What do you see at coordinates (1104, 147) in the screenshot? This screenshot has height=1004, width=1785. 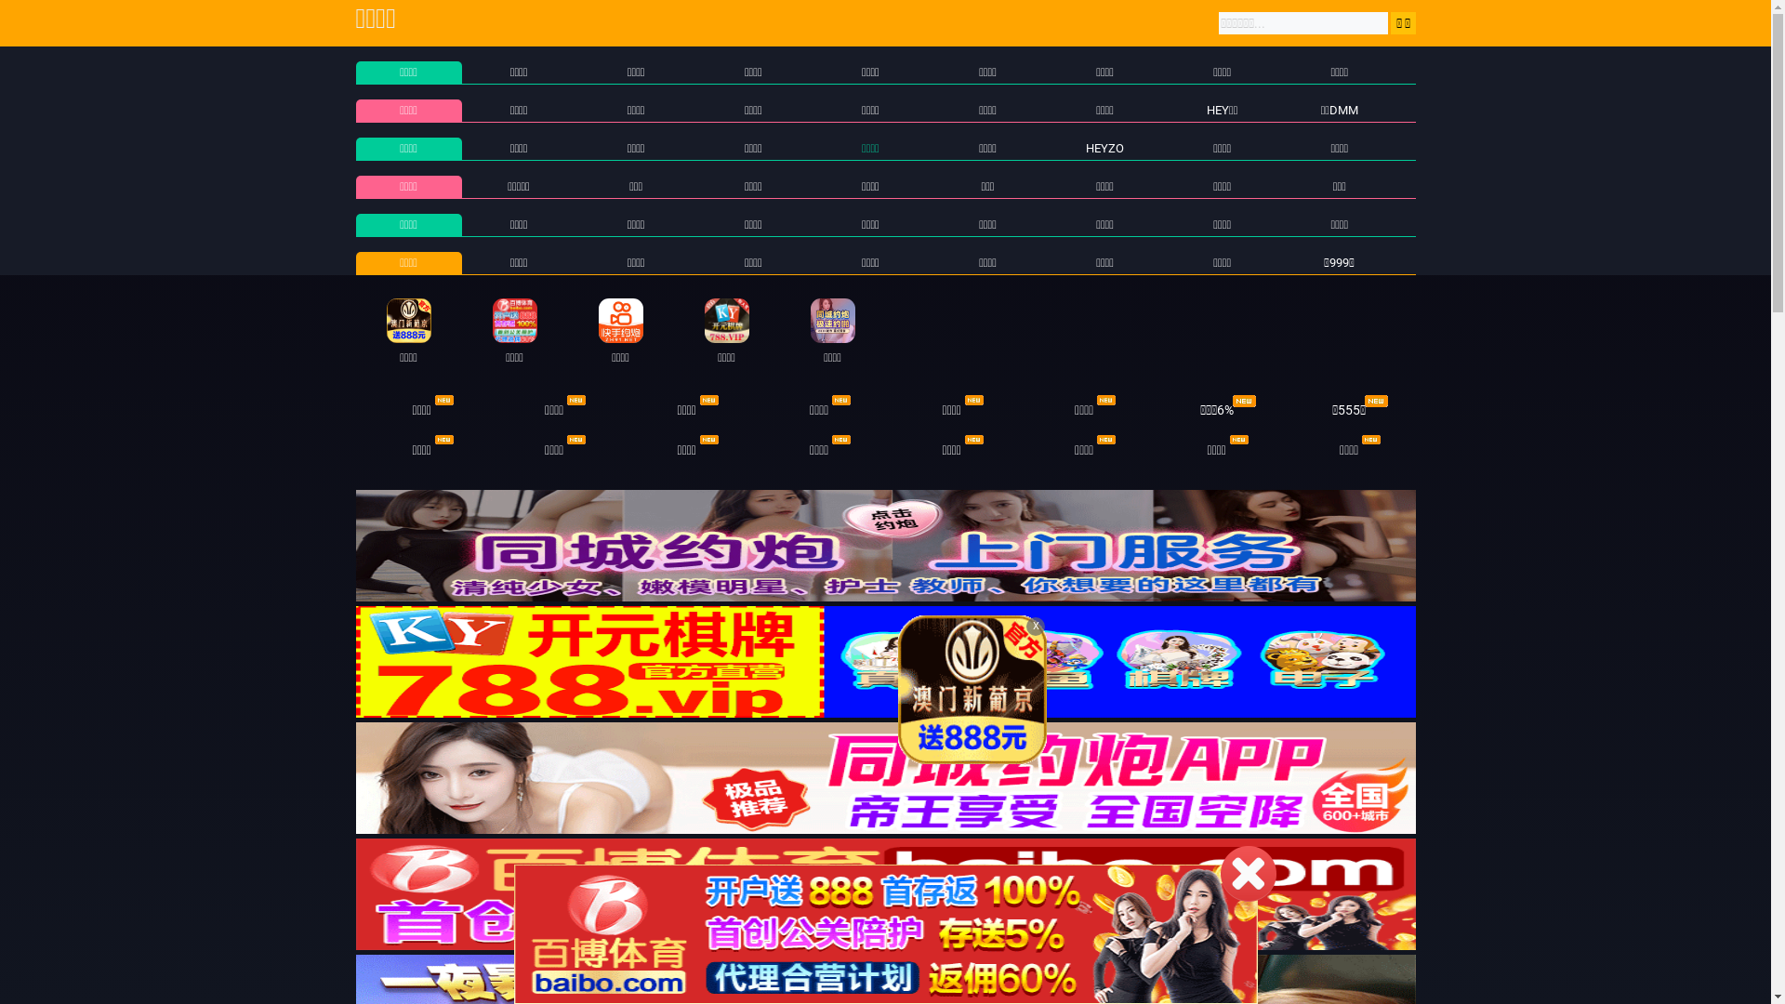 I see `'HEYZO'` at bounding box center [1104, 147].